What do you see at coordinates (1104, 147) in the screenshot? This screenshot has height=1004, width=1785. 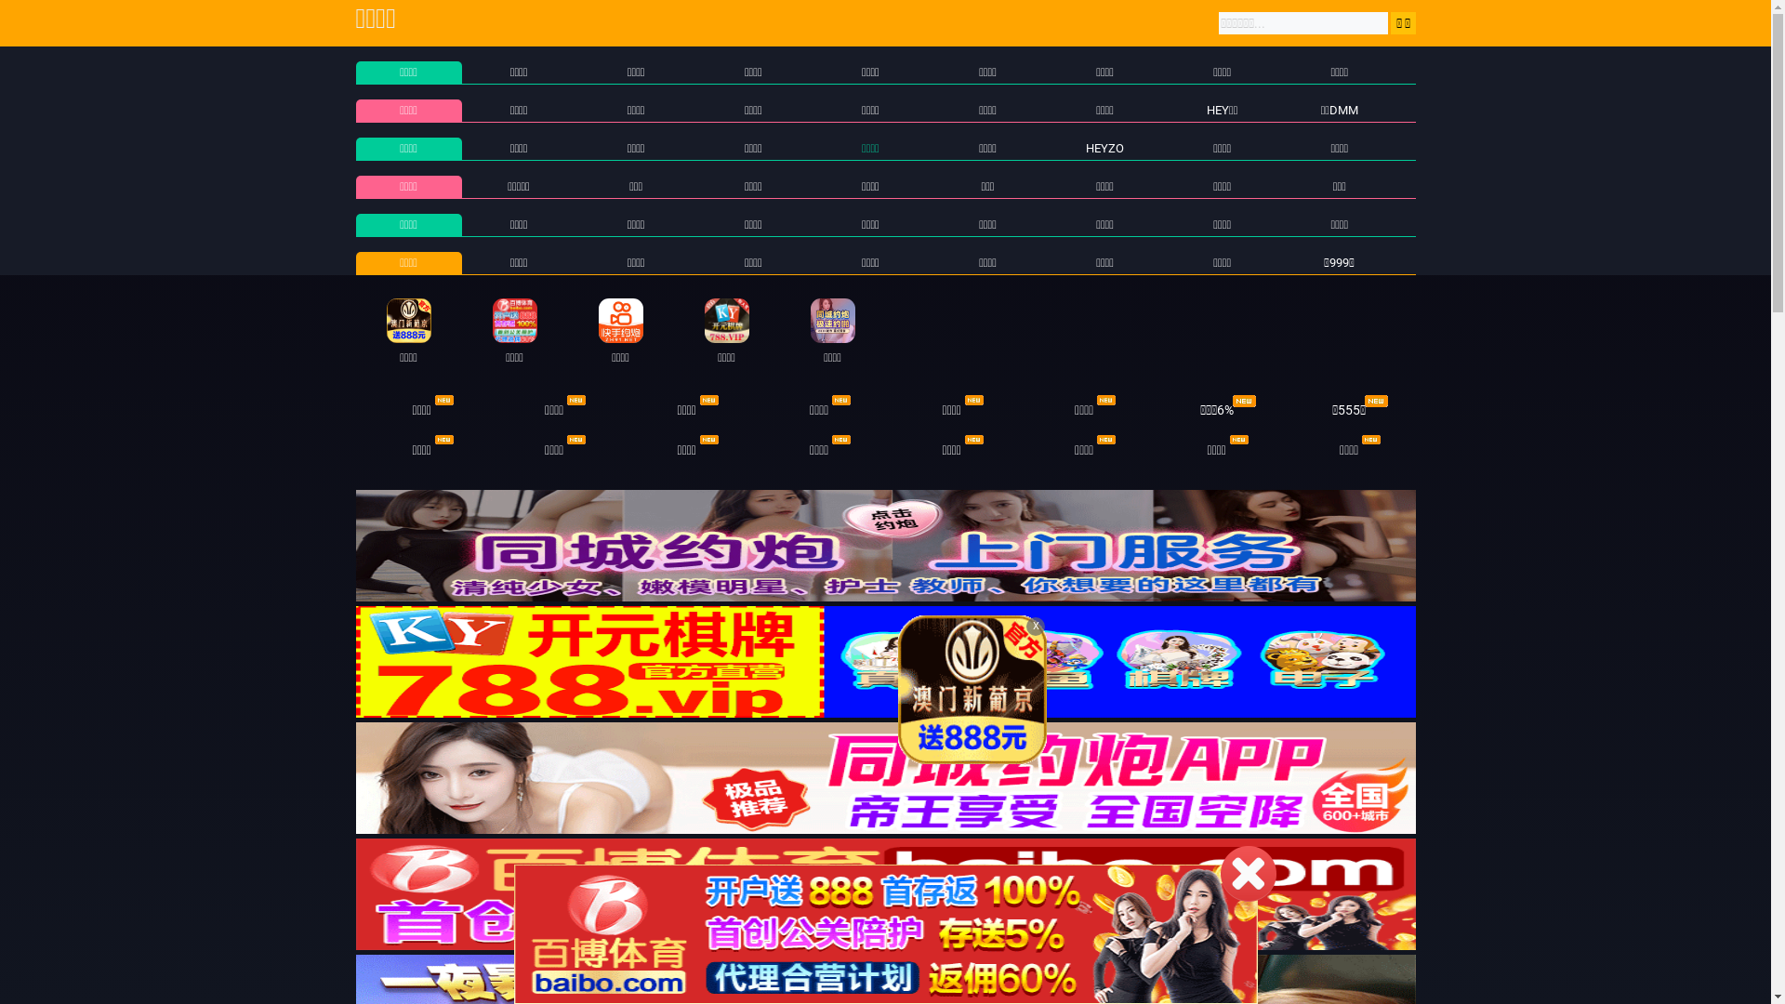 I see `'HEYZO'` at bounding box center [1104, 147].